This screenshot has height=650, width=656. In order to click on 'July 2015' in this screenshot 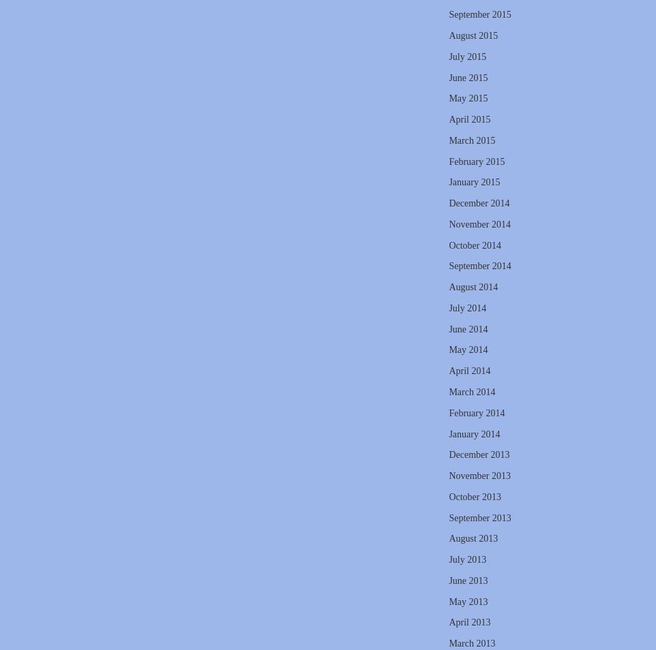, I will do `click(466, 55)`.